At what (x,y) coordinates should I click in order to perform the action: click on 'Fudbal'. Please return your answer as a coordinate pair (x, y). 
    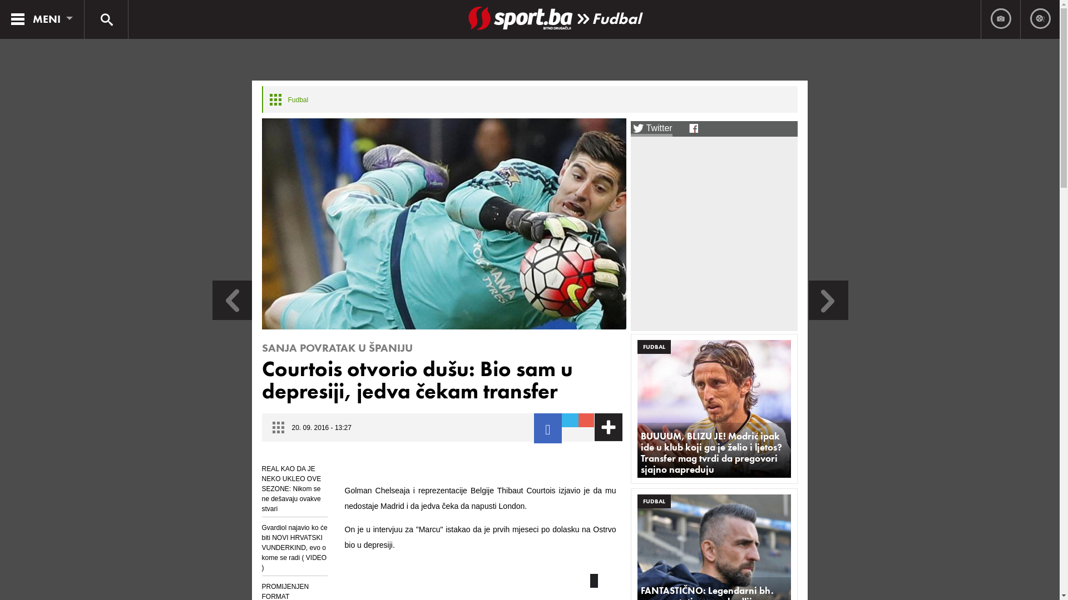
    Looking at the image, I should click on (616, 18).